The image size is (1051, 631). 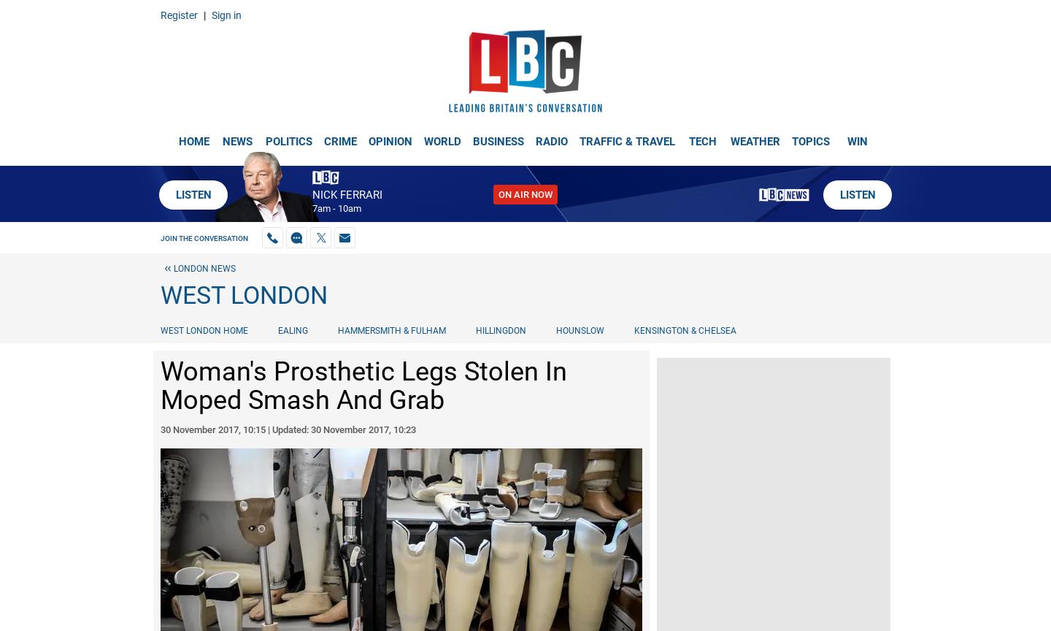 What do you see at coordinates (42, 11) in the screenshot?
I see `'CONTACT US'` at bounding box center [42, 11].